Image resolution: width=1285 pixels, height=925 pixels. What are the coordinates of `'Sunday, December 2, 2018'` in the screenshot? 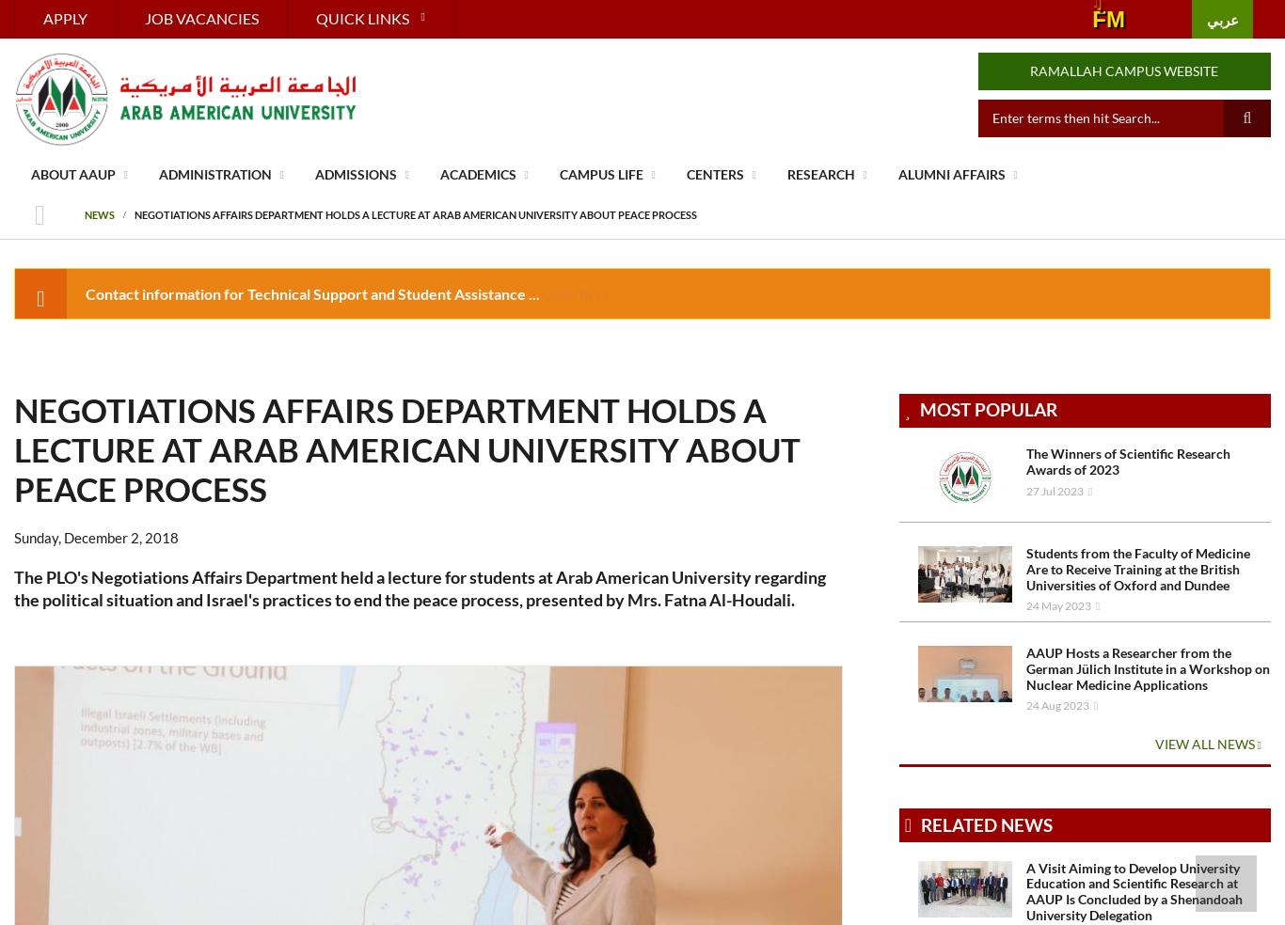 It's located at (96, 536).